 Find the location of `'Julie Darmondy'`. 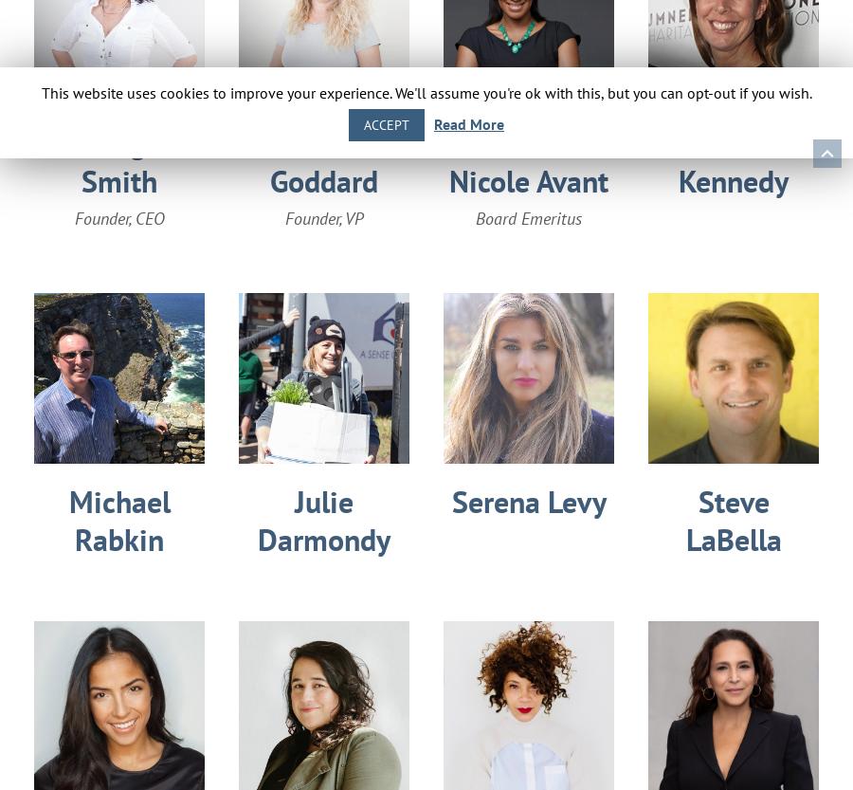

'Julie Darmondy' is located at coordinates (324, 520).